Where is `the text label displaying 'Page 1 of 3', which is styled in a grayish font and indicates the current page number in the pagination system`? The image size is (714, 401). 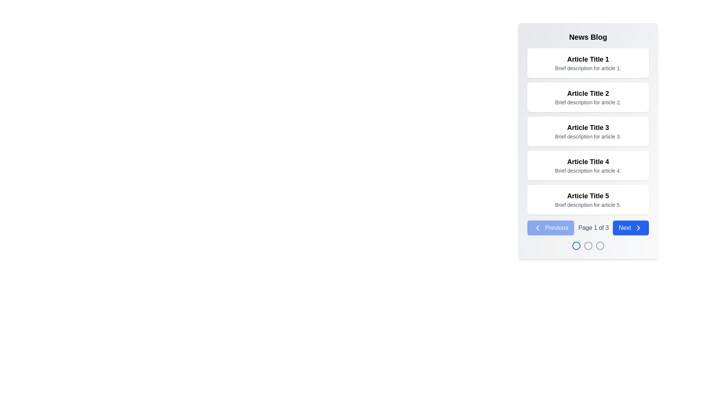 the text label displaying 'Page 1 of 3', which is styled in a grayish font and indicates the current page number in the pagination system is located at coordinates (593, 227).